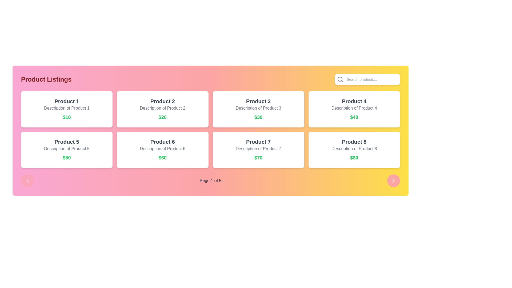 This screenshot has height=288, width=512. I want to click on the product information card that displays details about a product, positioned as the third element in a grid layout, so click(258, 109).